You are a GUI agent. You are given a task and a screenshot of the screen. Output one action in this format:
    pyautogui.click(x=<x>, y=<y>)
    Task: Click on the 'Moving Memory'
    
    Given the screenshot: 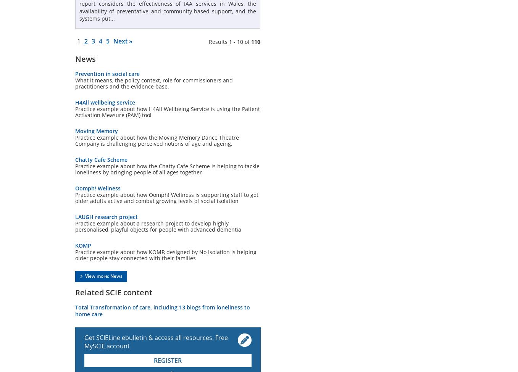 What is the action you would take?
    pyautogui.click(x=96, y=130)
    